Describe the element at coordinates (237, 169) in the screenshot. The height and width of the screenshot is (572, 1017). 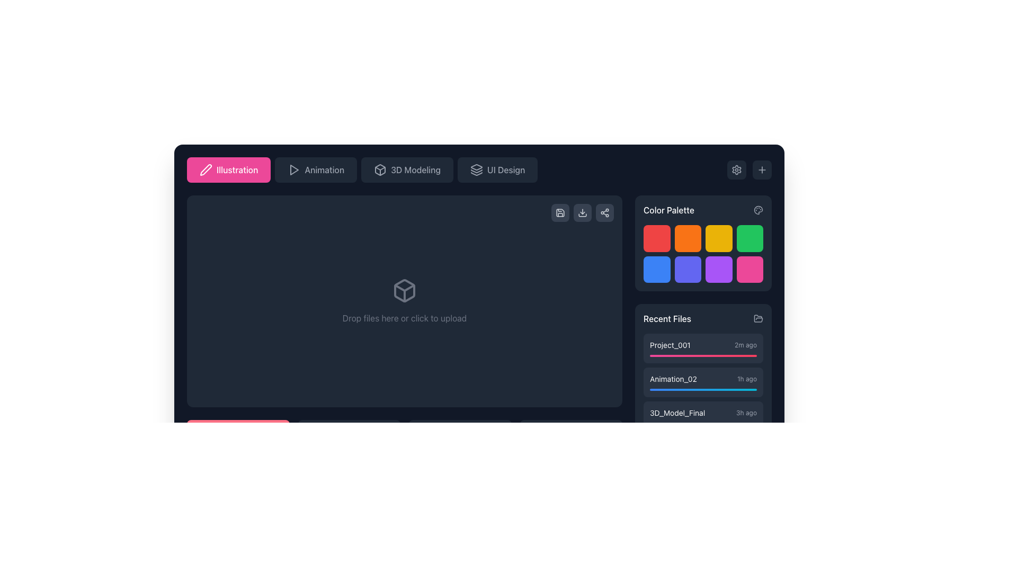
I see `the Text Label element displaying 'Illustration' inside a pink rectangular button` at that location.